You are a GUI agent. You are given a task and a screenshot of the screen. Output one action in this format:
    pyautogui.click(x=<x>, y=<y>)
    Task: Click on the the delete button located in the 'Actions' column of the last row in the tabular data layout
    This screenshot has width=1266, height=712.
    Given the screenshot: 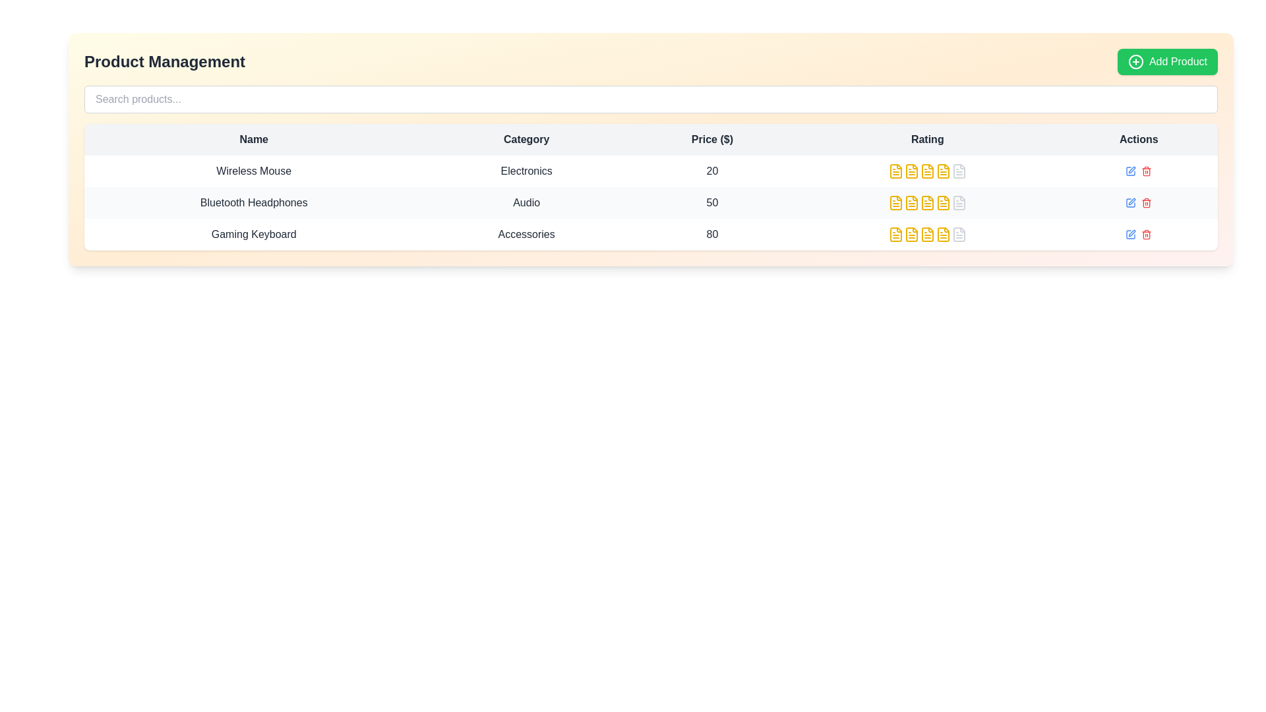 What is the action you would take?
    pyautogui.click(x=1145, y=203)
    